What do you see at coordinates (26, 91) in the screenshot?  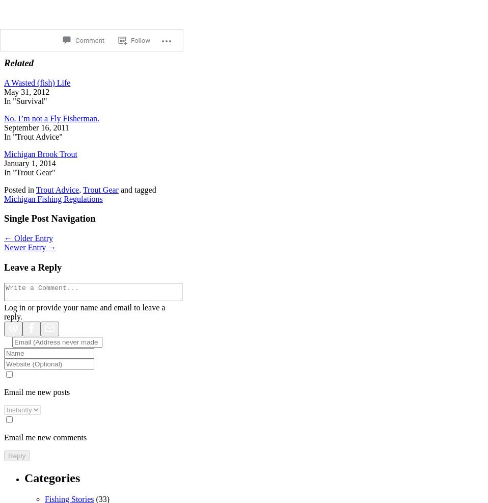 I see `'May 31, 2012'` at bounding box center [26, 91].